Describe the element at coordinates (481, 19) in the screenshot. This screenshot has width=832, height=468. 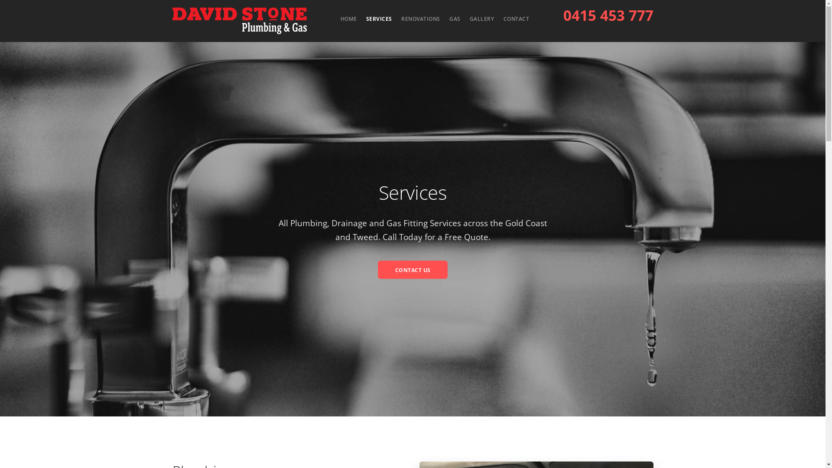
I see `'GALLERY'` at that location.